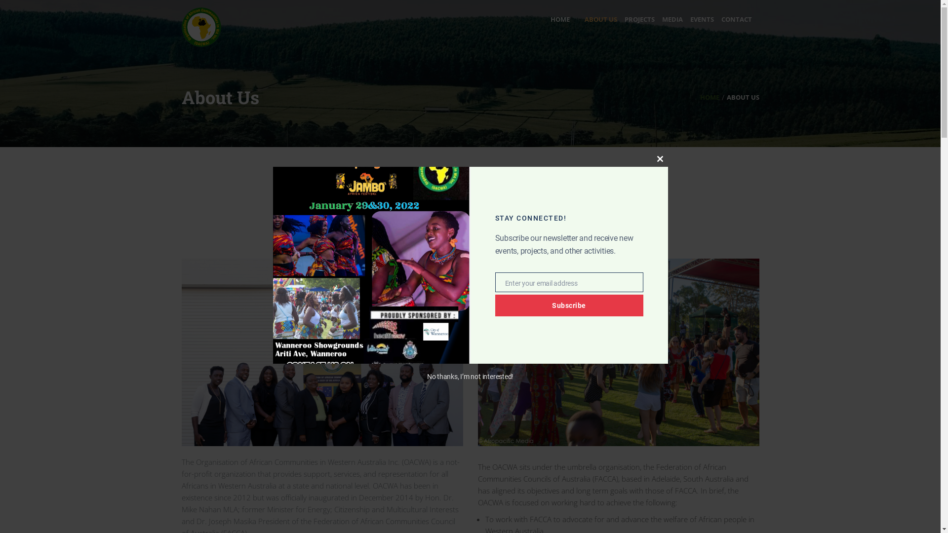 The width and height of the screenshot is (948, 533). What do you see at coordinates (635, 19) in the screenshot?
I see `'PROJECTS'` at bounding box center [635, 19].